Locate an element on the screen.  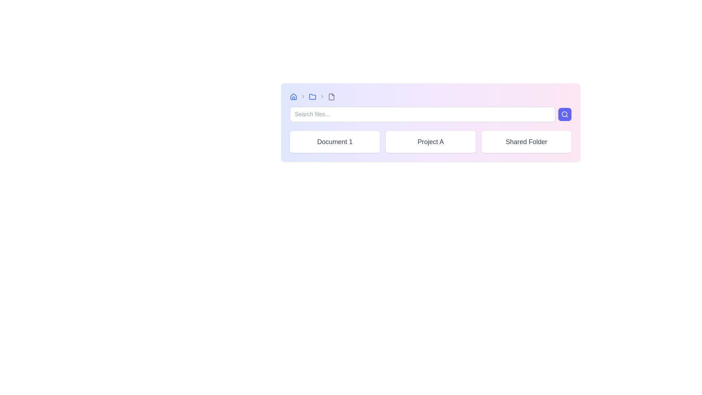
the small right-pointing chevron icon in the breadcrumb navigation bar, which is the third navigation icon following the hyperlink 'Project A' is located at coordinates (322, 96).